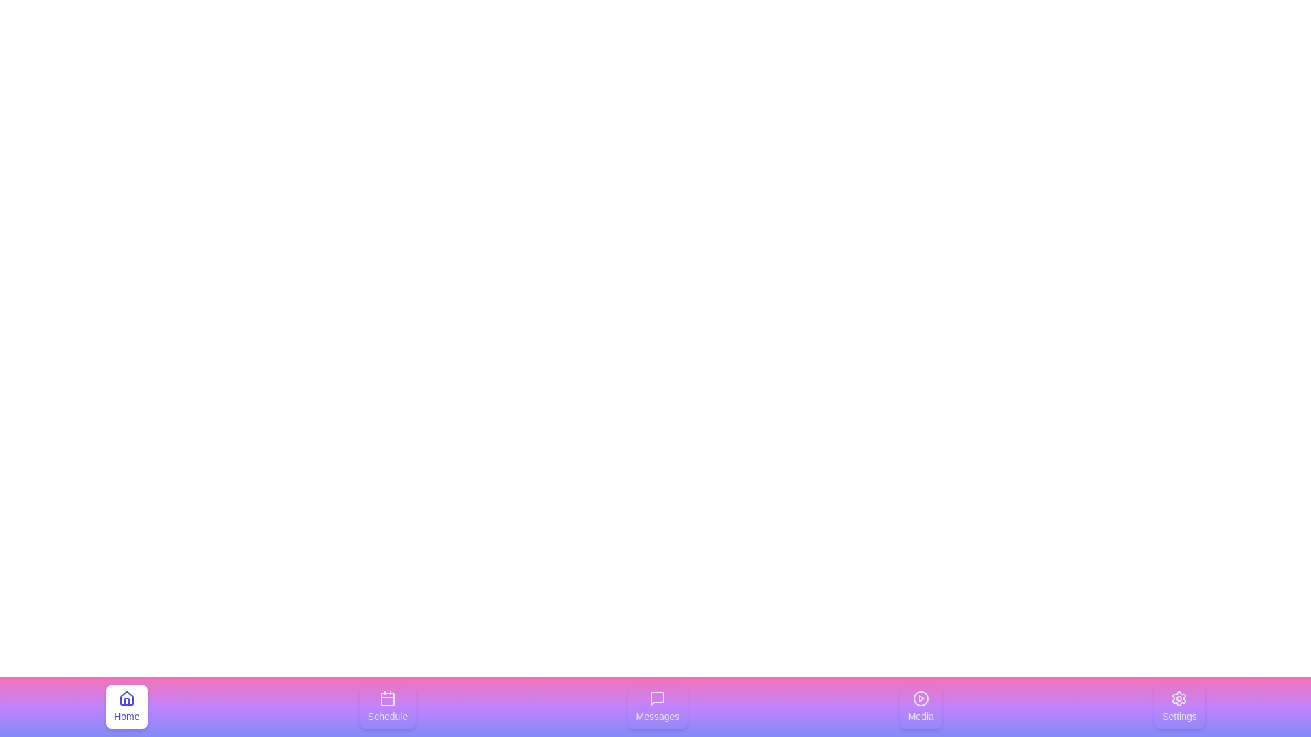  What do you see at coordinates (387, 706) in the screenshot?
I see `the tab labeled Schedule in the EnhancedBottomNavigation component` at bounding box center [387, 706].